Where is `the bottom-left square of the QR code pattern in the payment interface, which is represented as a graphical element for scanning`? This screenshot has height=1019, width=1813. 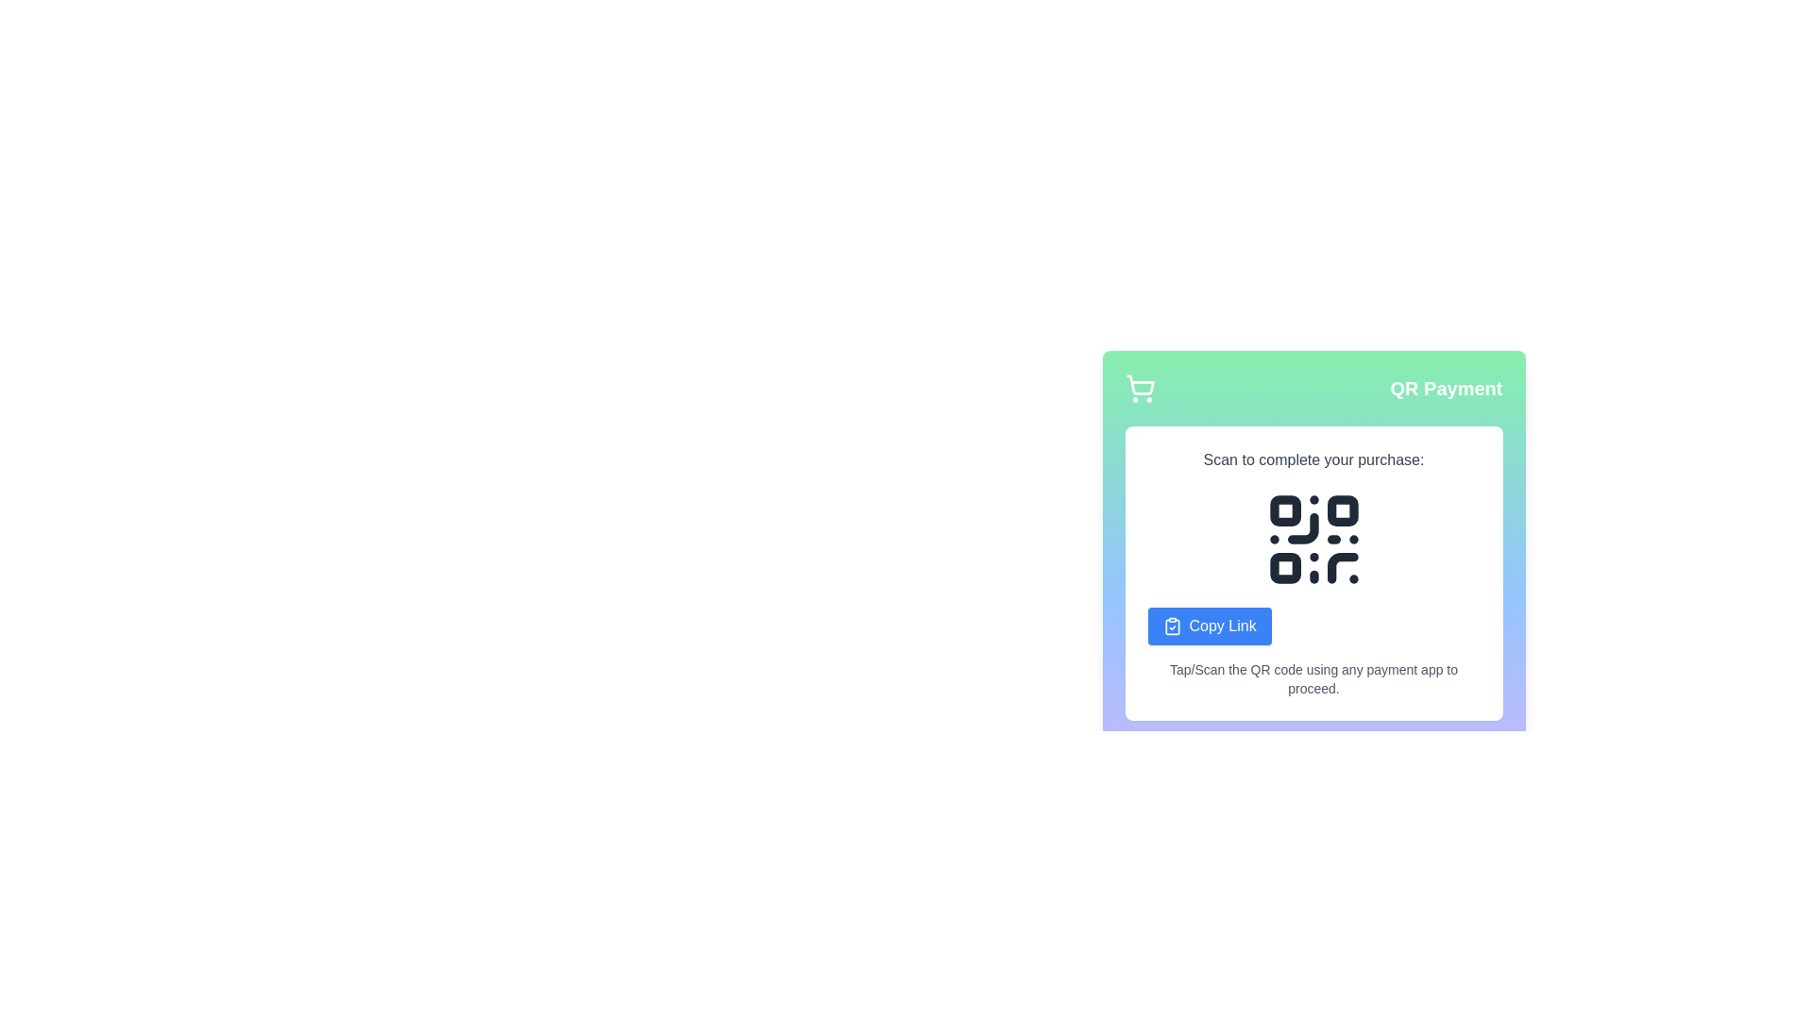
the bottom-left square of the QR code pattern in the payment interface, which is represented as a graphical element for scanning is located at coordinates (1284, 567).